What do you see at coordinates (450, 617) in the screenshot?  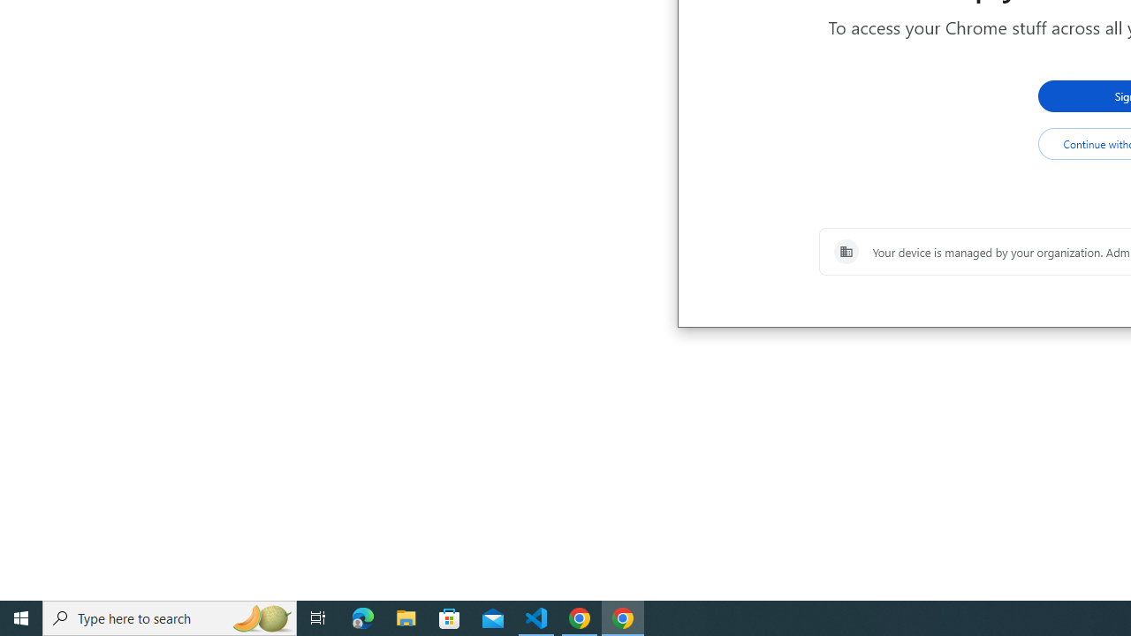 I see `'Microsoft Store'` at bounding box center [450, 617].